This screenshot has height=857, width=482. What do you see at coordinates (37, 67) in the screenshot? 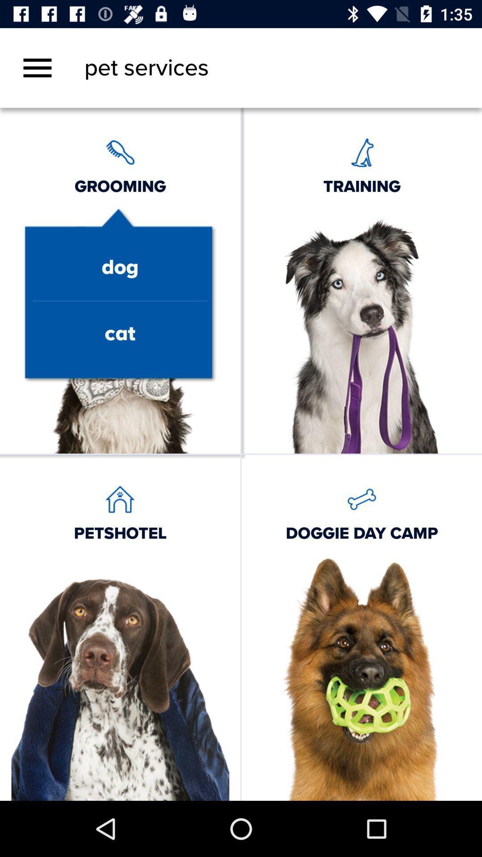
I see `the icon above grooming item` at bounding box center [37, 67].